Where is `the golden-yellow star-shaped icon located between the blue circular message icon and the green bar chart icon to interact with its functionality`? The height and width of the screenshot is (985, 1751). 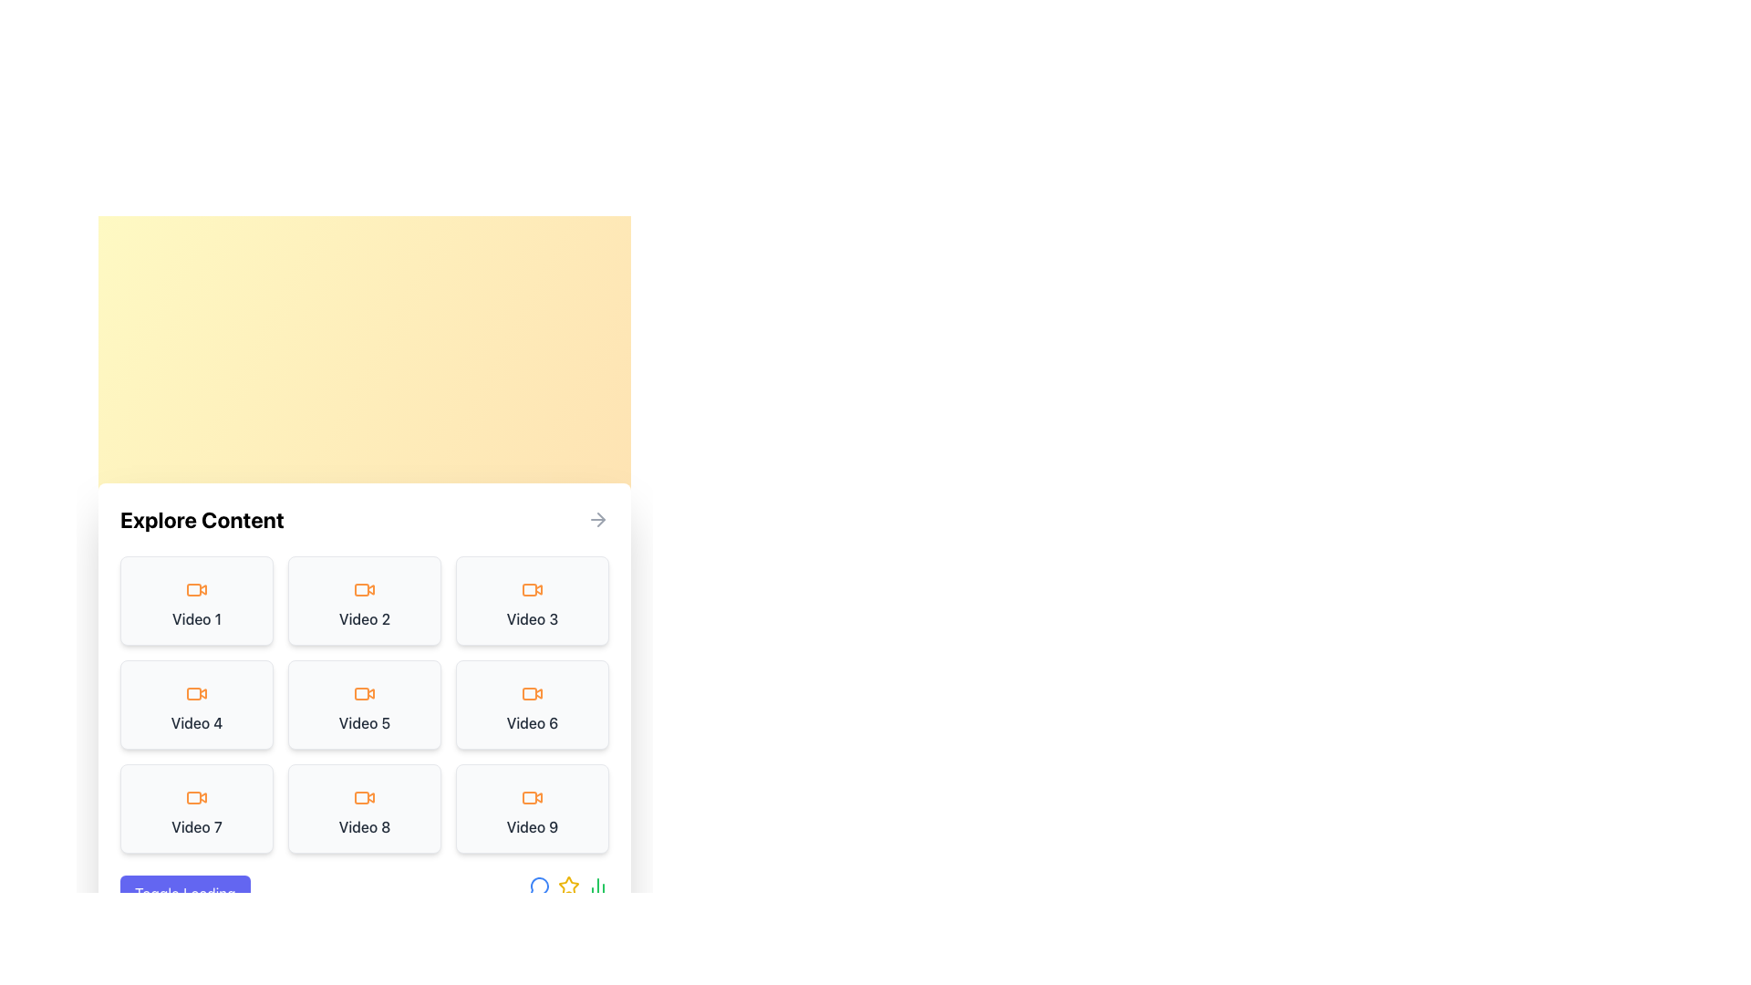
the golden-yellow star-shaped icon located between the blue circular message icon and the green bar chart icon to interact with its functionality is located at coordinates (568, 886).